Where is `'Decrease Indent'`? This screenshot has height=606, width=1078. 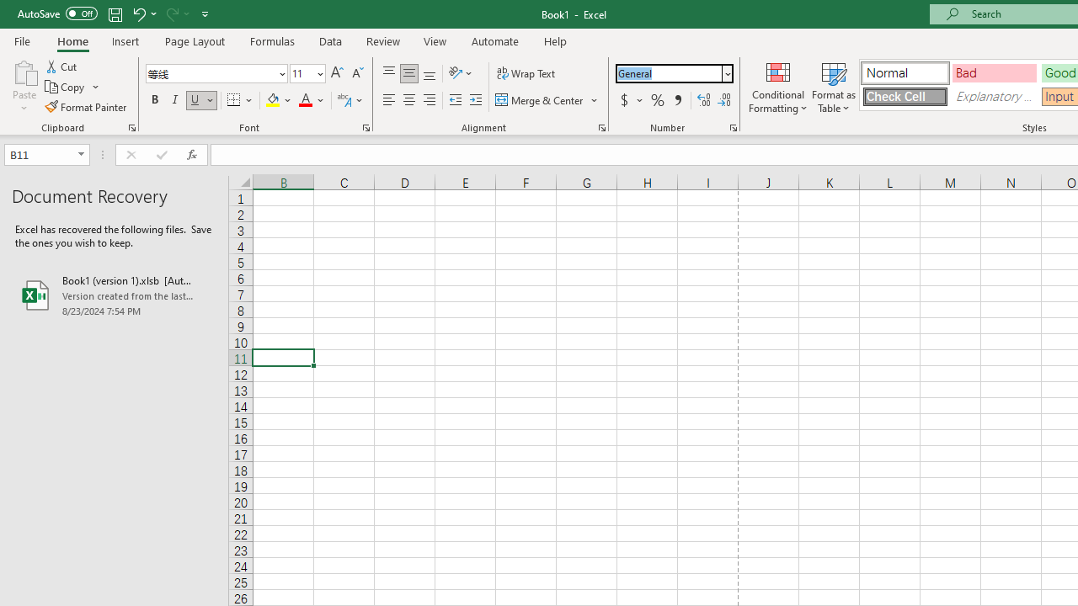
'Decrease Indent' is located at coordinates (455, 100).